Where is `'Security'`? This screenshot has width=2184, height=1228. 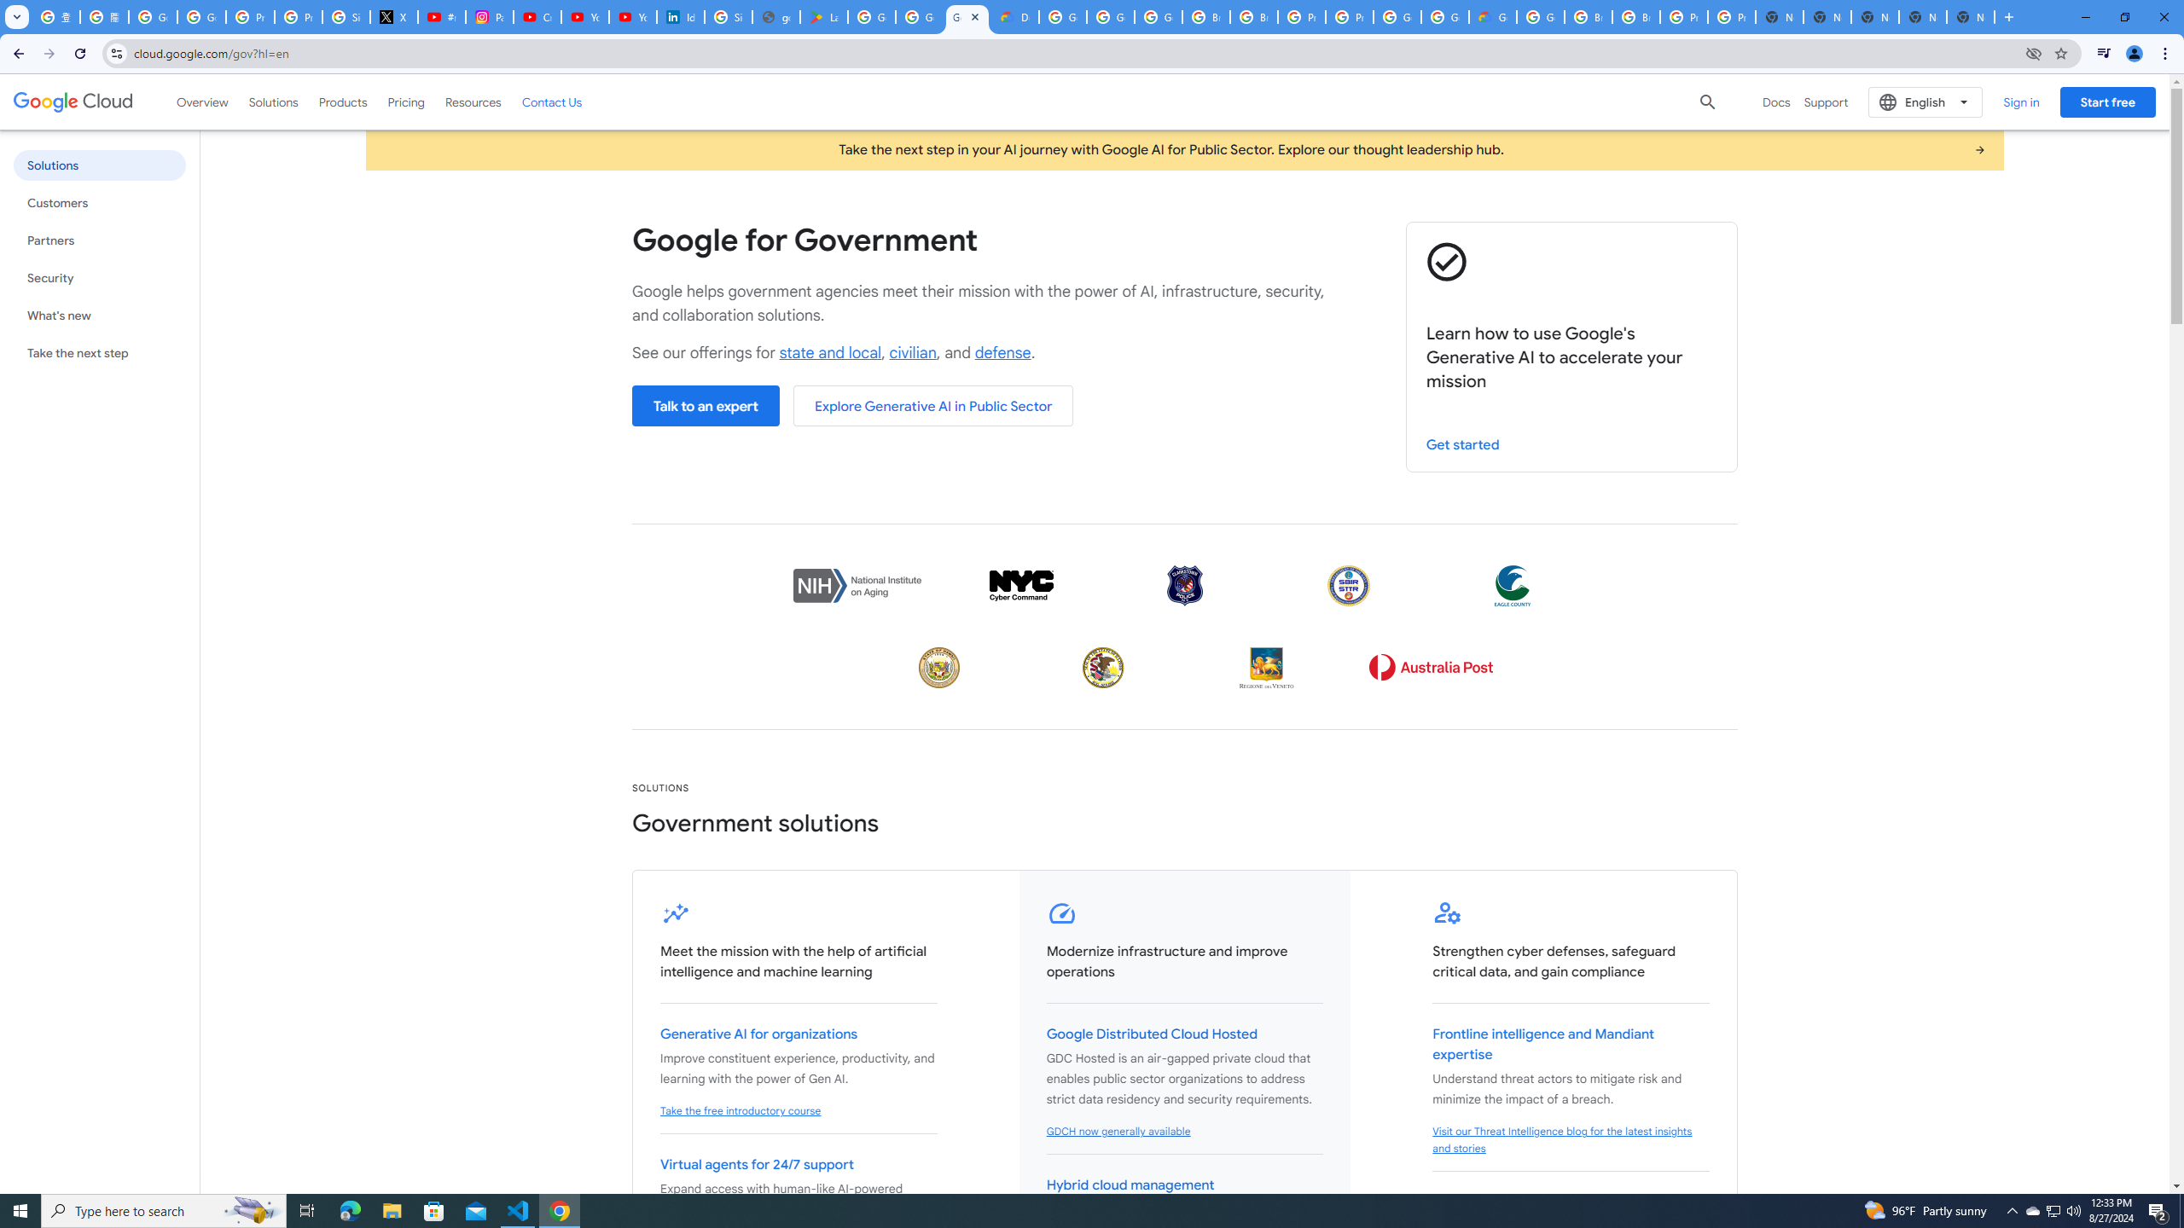 'Security' is located at coordinates (98, 277).